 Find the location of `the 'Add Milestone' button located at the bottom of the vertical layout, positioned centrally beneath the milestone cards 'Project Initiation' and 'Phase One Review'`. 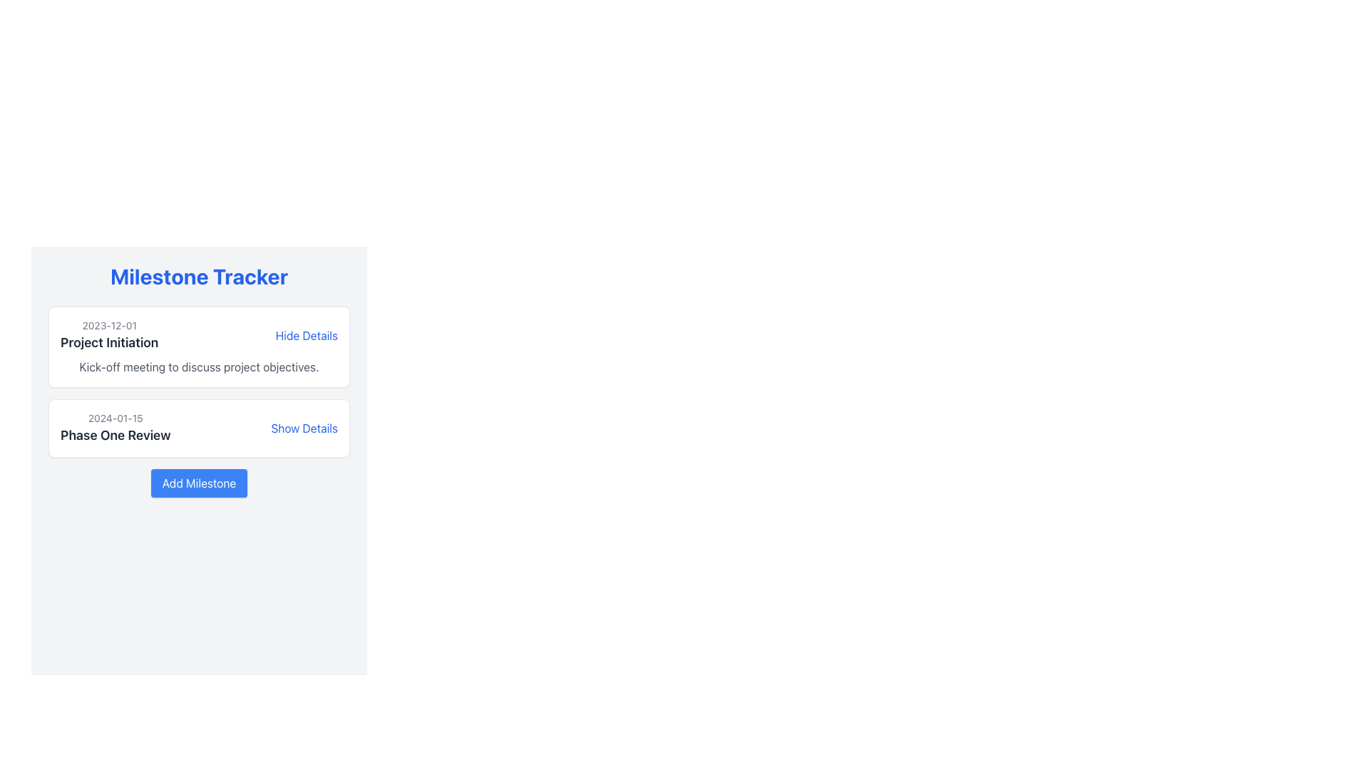

the 'Add Milestone' button located at the bottom of the vertical layout, positioned centrally beneath the milestone cards 'Project Initiation' and 'Phase One Review' is located at coordinates (198, 483).